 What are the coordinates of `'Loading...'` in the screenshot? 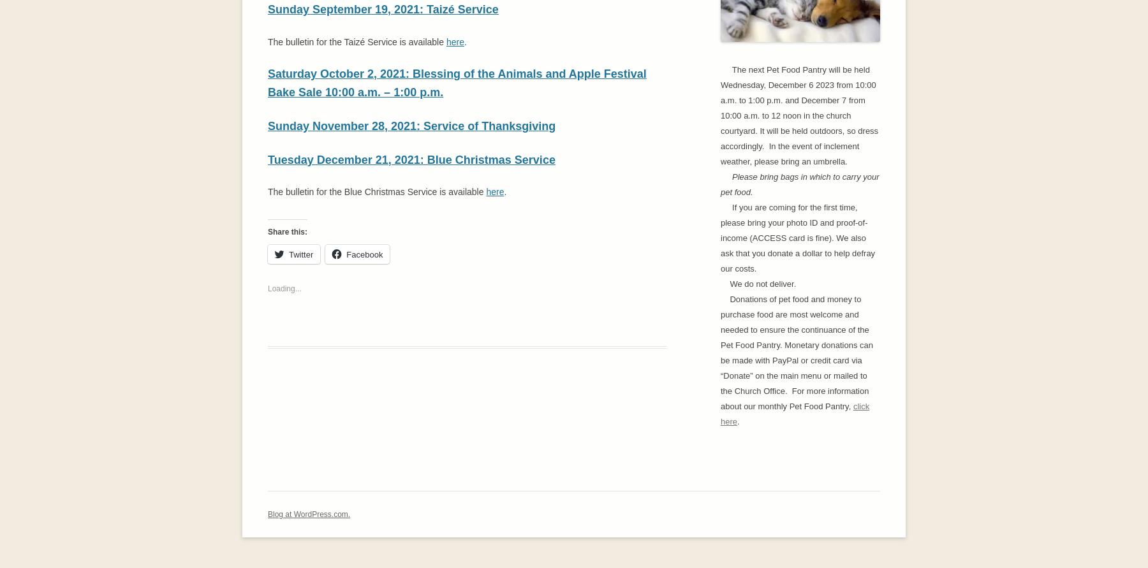 It's located at (284, 288).